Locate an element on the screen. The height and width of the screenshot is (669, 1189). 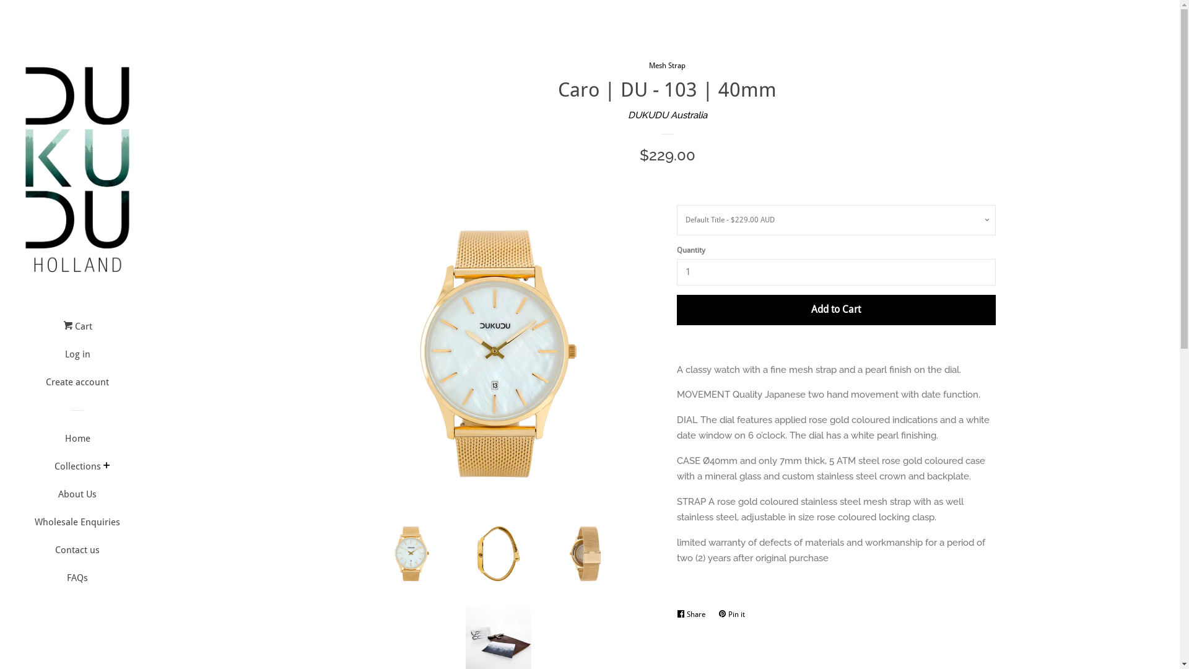
'Create account' is located at coordinates (76, 386).